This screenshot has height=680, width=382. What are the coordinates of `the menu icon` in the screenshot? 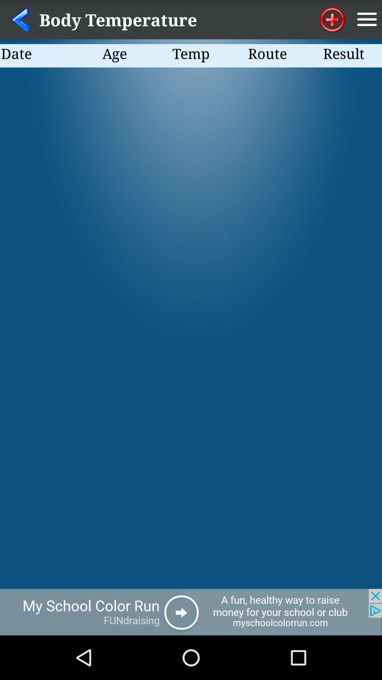 It's located at (366, 21).